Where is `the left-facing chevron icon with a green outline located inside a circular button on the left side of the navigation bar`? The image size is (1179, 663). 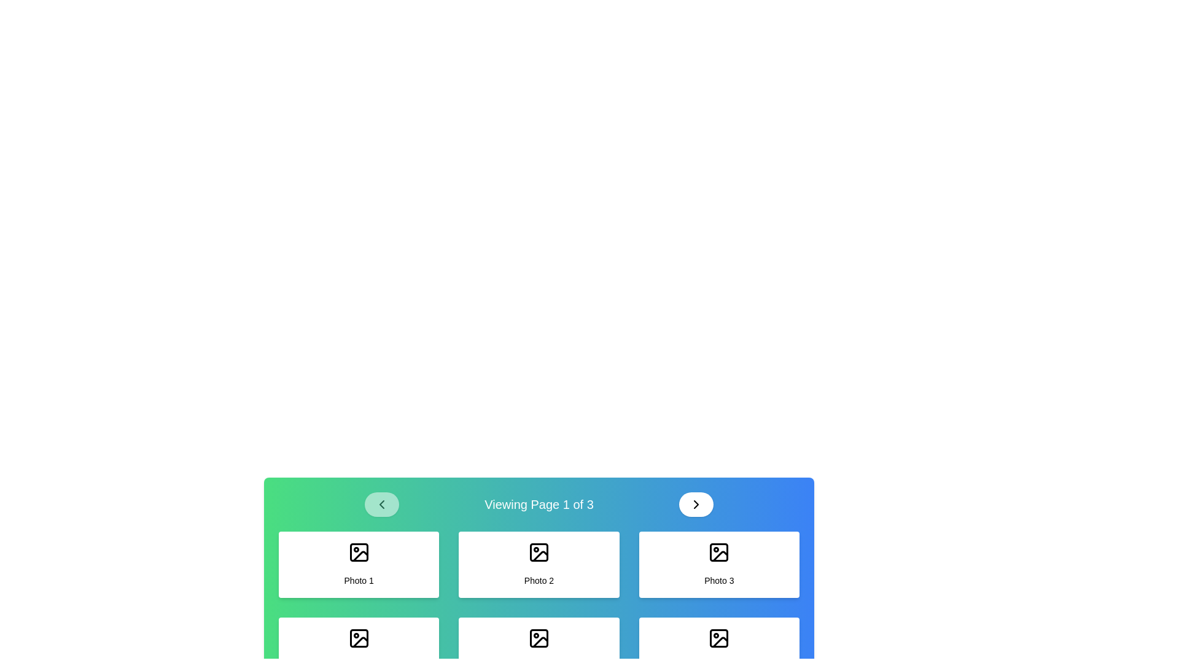
the left-facing chevron icon with a green outline located inside a circular button on the left side of the navigation bar is located at coordinates (381, 504).